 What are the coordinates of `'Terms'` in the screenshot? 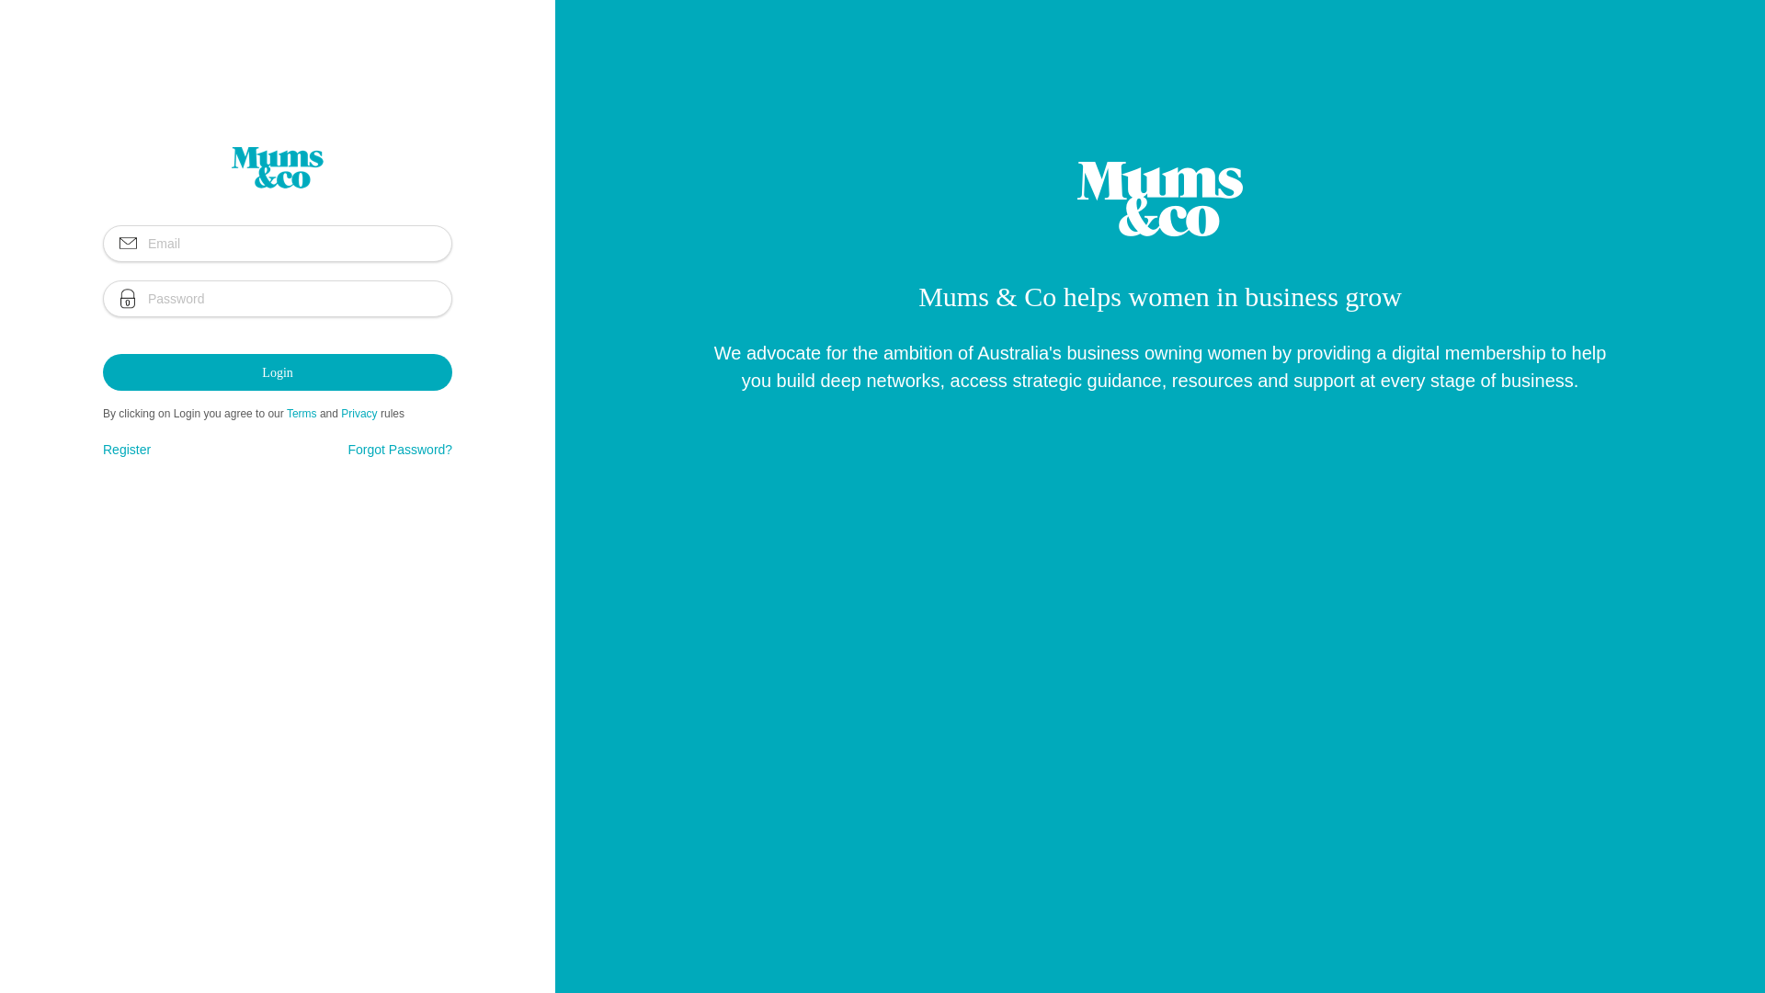 It's located at (302, 414).